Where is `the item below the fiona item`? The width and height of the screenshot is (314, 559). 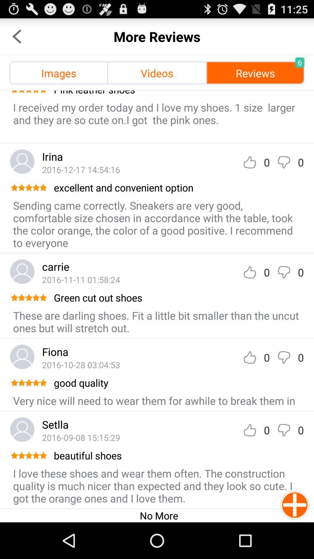 the item below the fiona item is located at coordinates (81, 364).